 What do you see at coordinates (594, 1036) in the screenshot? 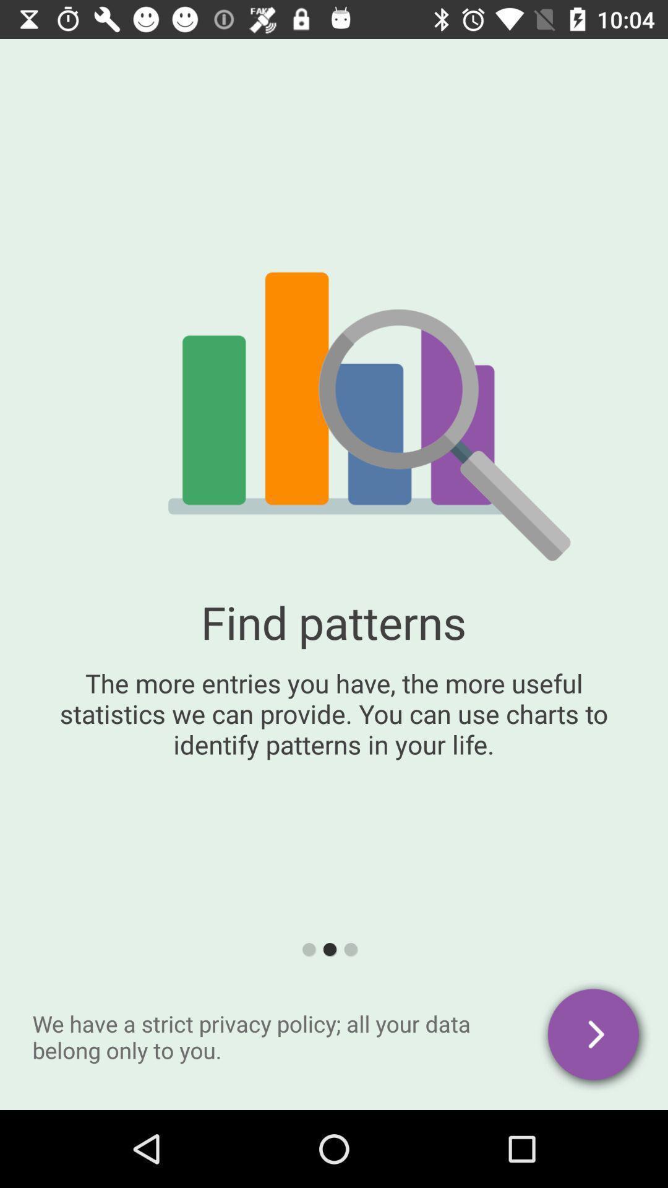
I see `icon next to the we have a` at bounding box center [594, 1036].